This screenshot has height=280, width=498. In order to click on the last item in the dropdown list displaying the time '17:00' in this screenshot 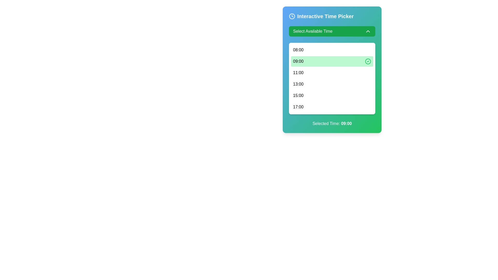, I will do `click(332, 107)`.